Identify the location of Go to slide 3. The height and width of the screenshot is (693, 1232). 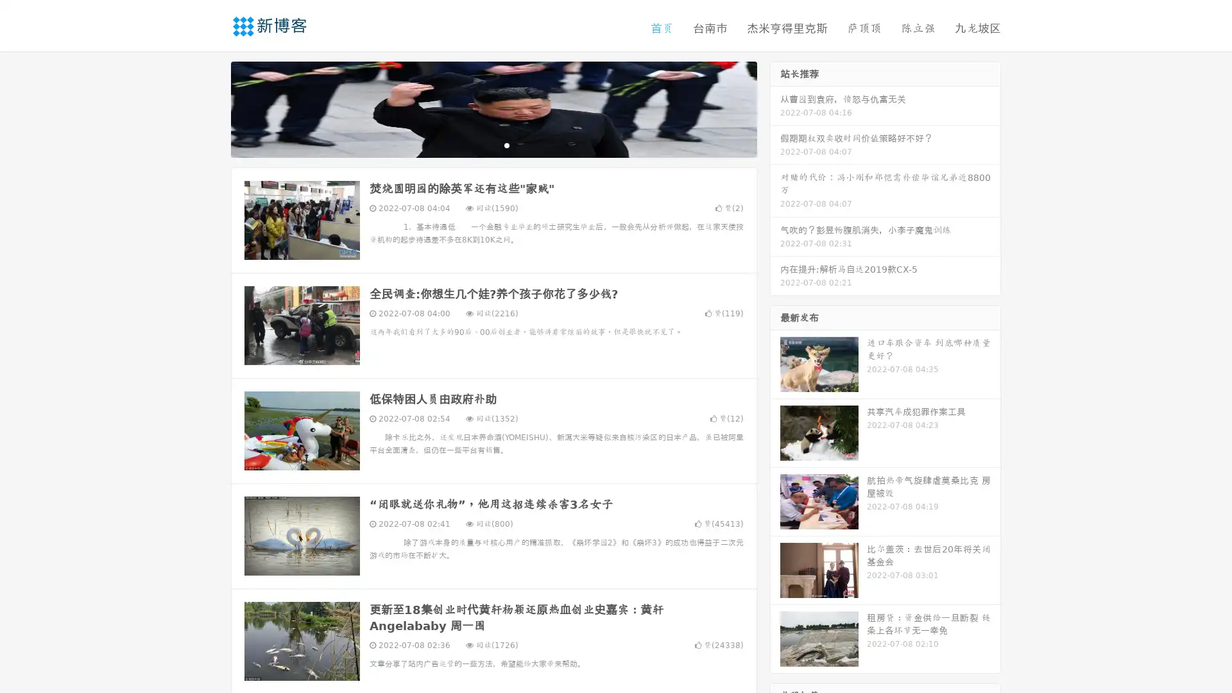
(506, 144).